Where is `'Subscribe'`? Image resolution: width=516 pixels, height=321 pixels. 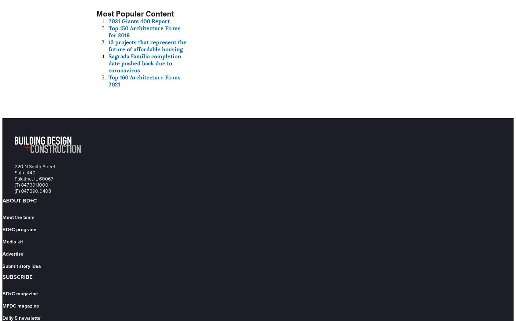 'Subscribe' is located at coordinates (2, 276).